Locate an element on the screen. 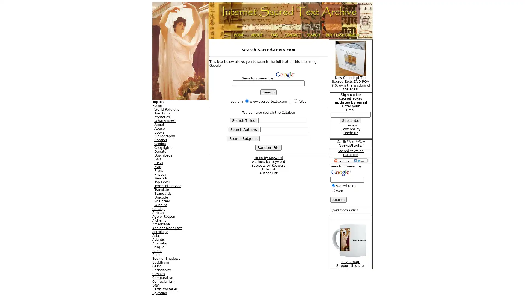  Random File is located at coordinates (269, 147).